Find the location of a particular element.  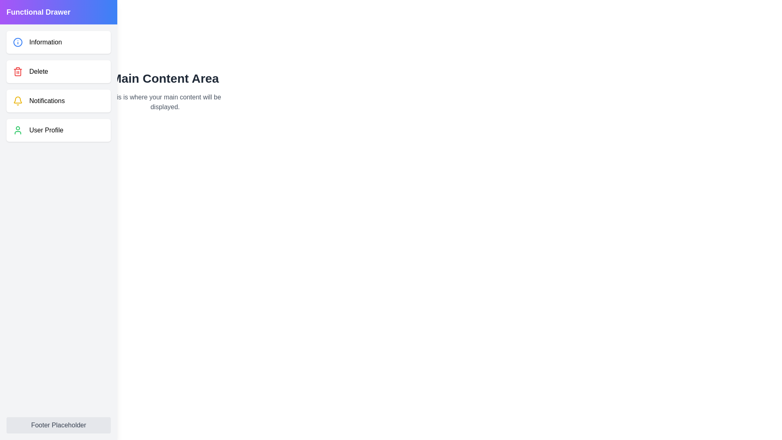

the button-like interactive element representing user profile settings located in the sidebar, which is the fourth option below 'Information,' 'Delete,' and 'Notifications' to change its background color is located at coordinates (58, 130).